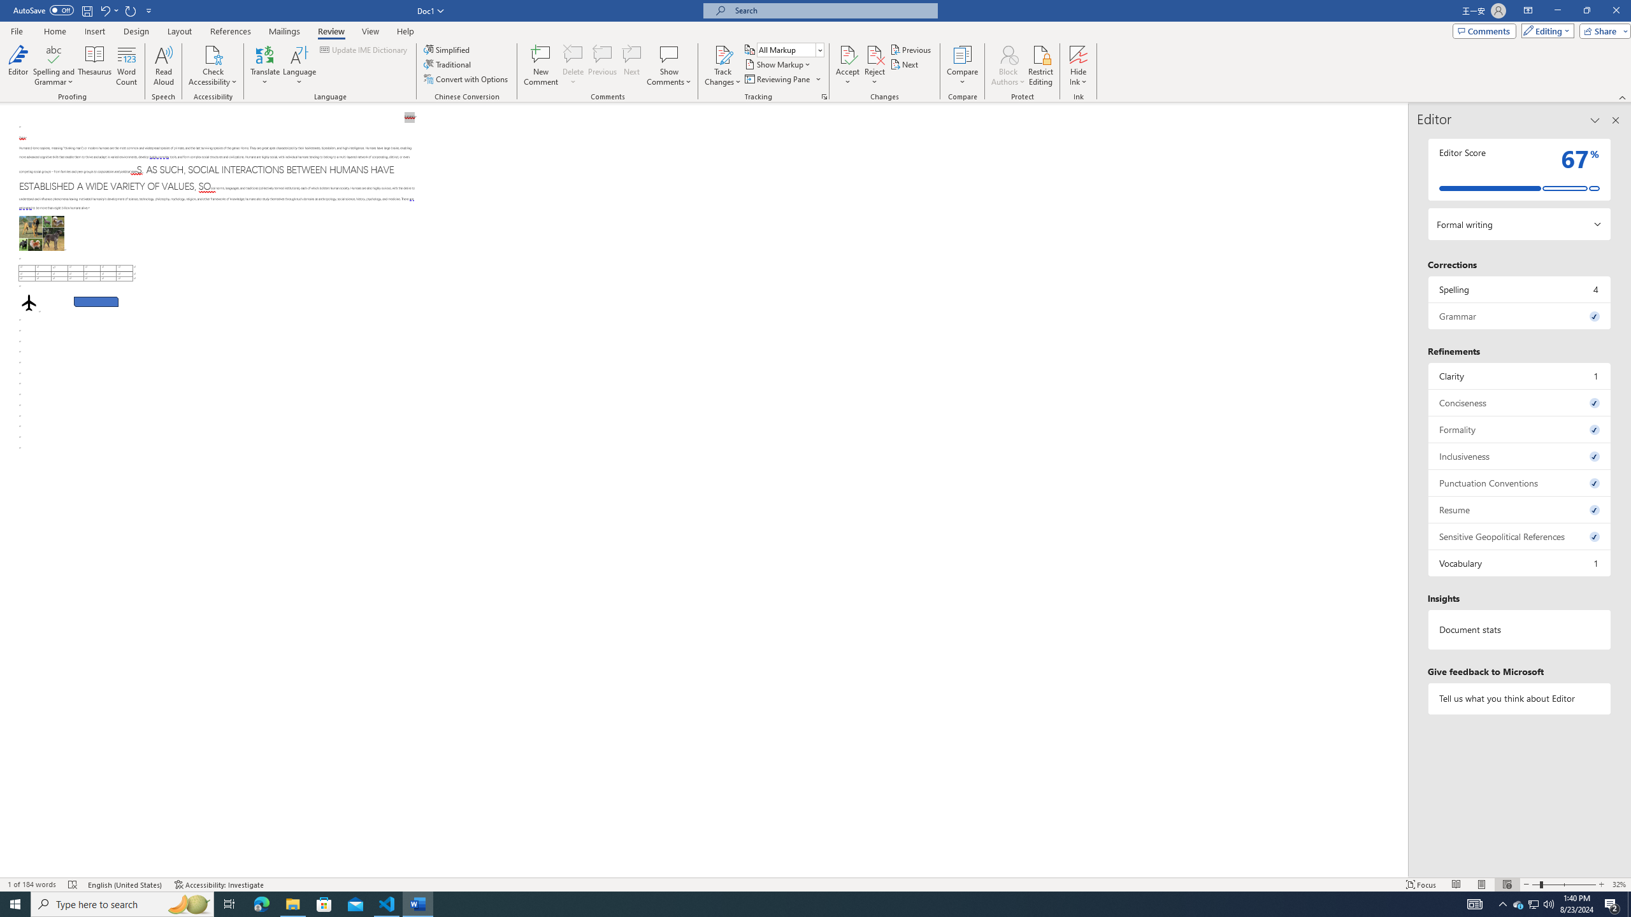  I want to click on 'Comments', so click(1484, 30).